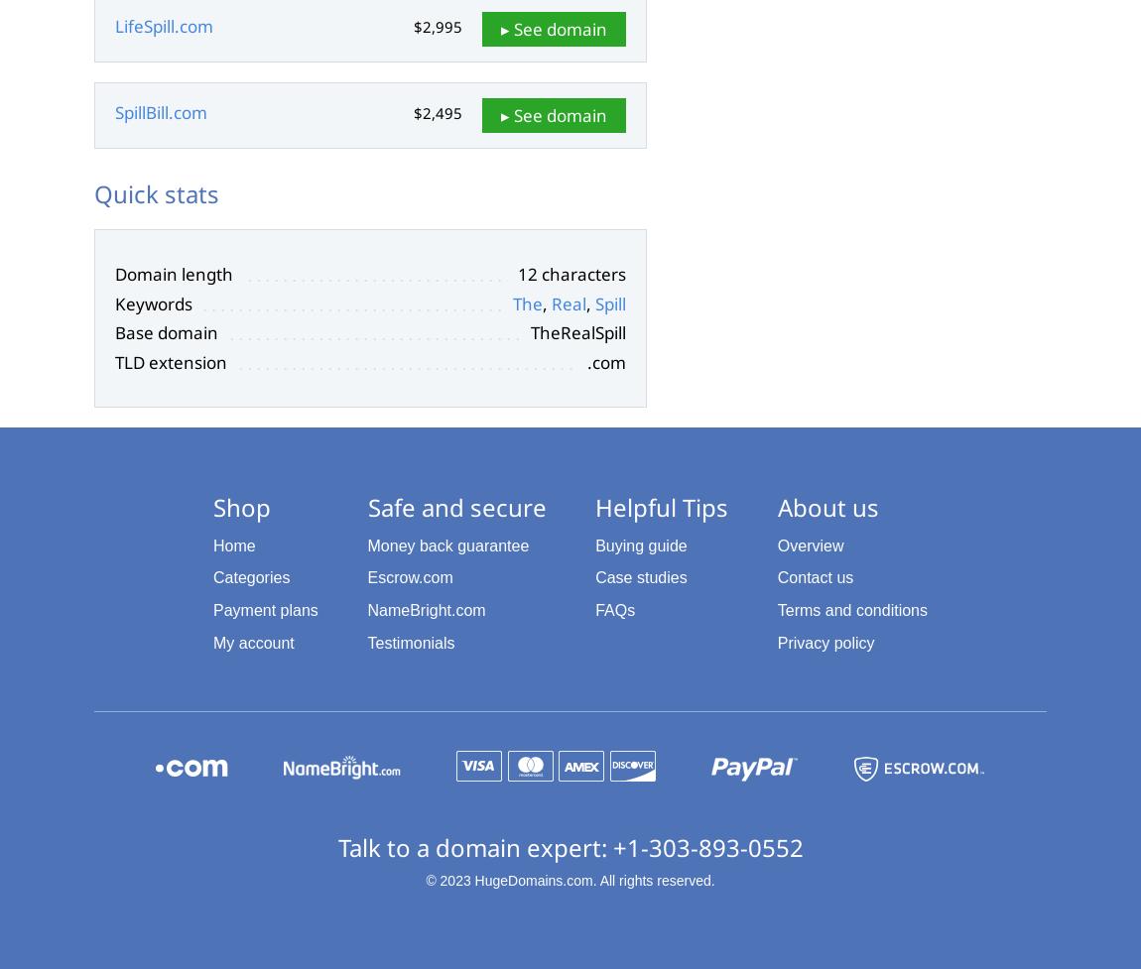 This screenshot has width=1141, height=969. Describe the element at coordinates (163, 26) in the screenshot. I see `'LifeSpill.com'` at that location.